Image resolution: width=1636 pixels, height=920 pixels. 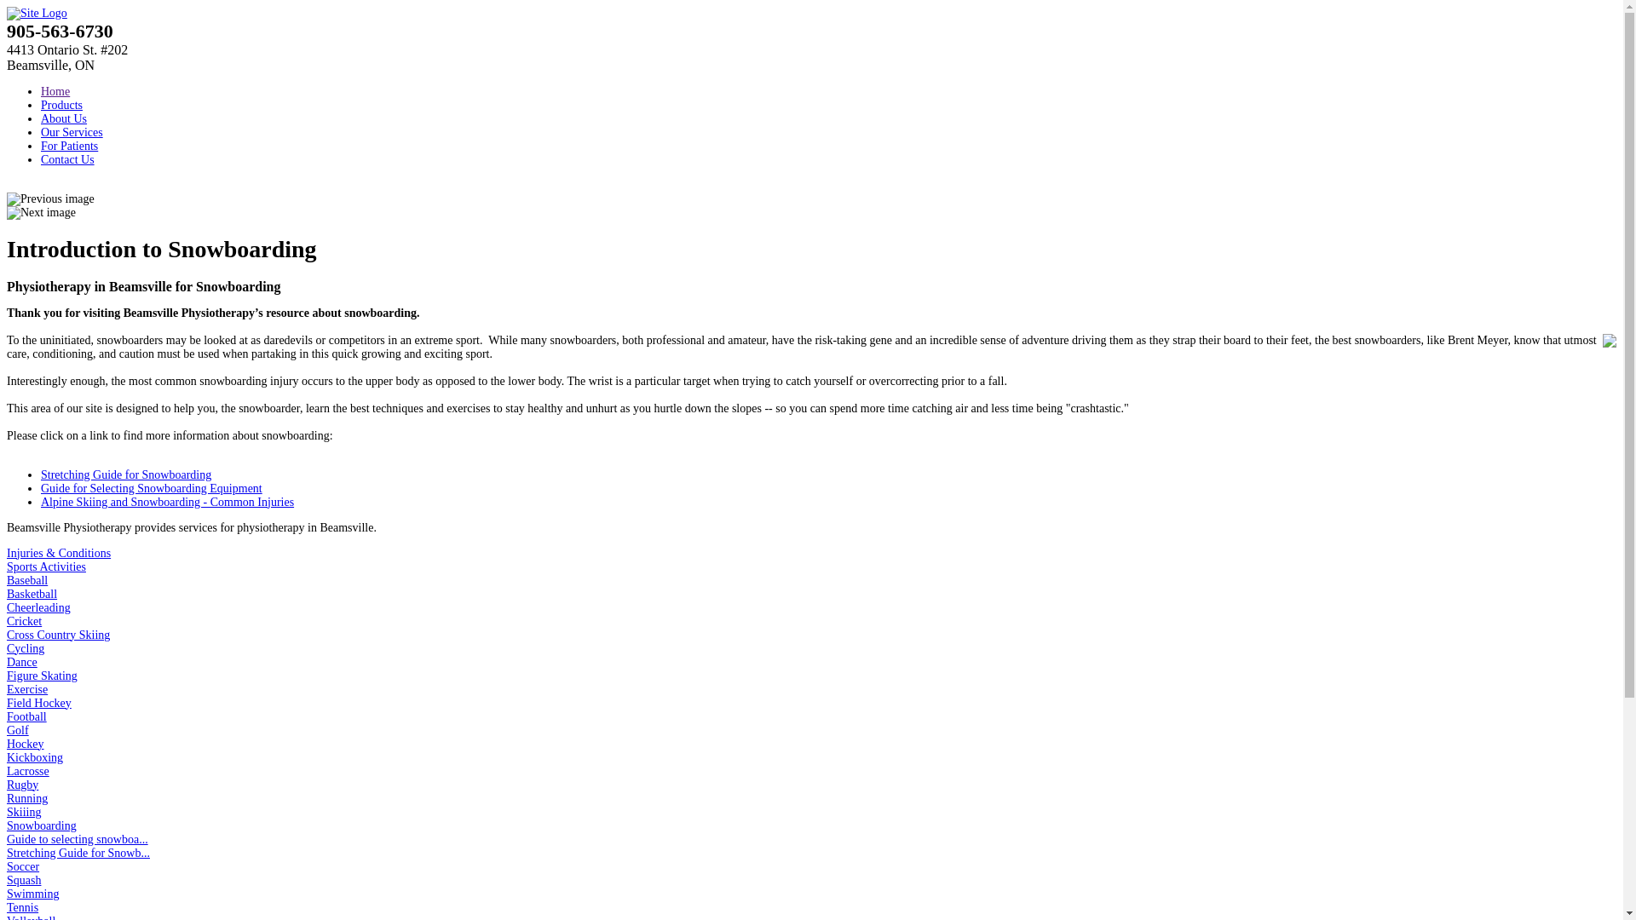 I want to click on 'Previous image', so click(x=50, y=198).